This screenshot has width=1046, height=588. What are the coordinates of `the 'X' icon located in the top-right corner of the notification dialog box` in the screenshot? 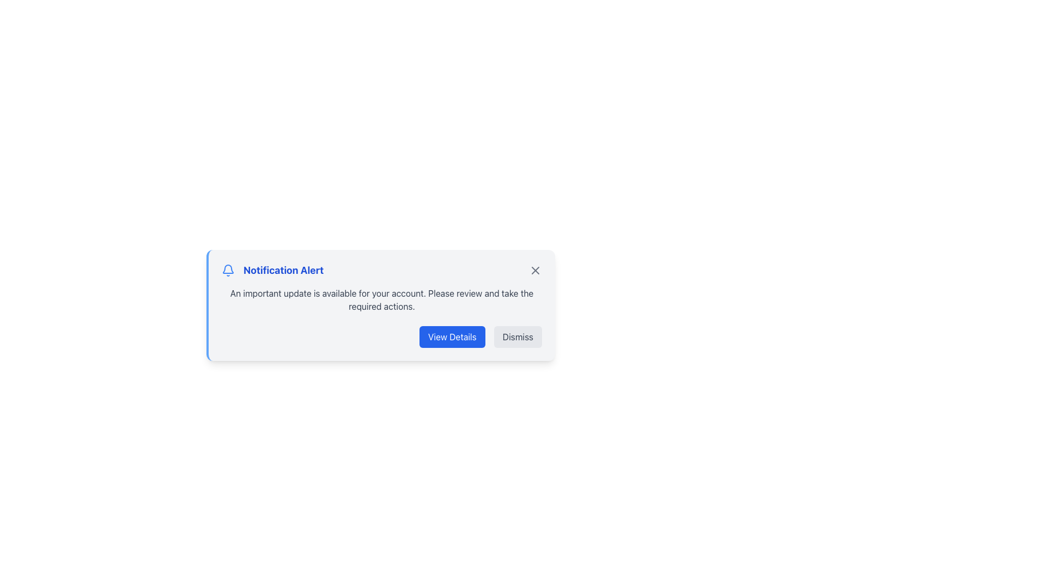 It's located at (536, 270).